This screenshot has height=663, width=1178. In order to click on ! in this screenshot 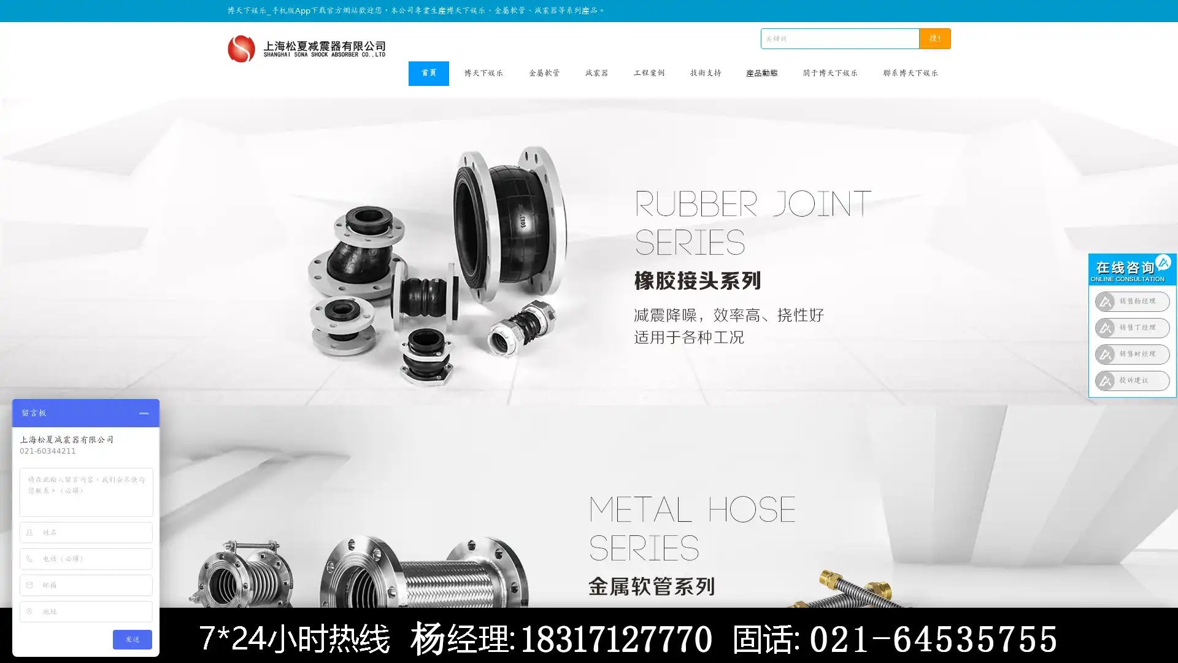, I will do `click(934, 37)`.